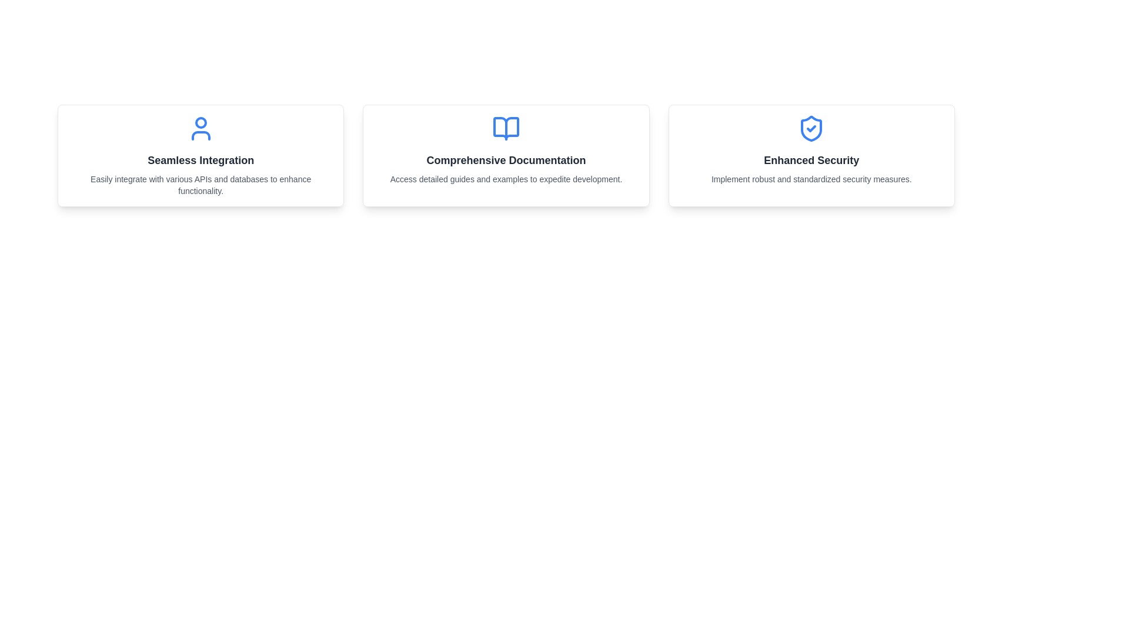 Image resolution: width=1129 pixels, height=635 pixels. I want to click on the Informational Card titled 'Seamless Integration' which features a user silhouette icon at the top center and is located in the first column of the grid, so click(201, 155).